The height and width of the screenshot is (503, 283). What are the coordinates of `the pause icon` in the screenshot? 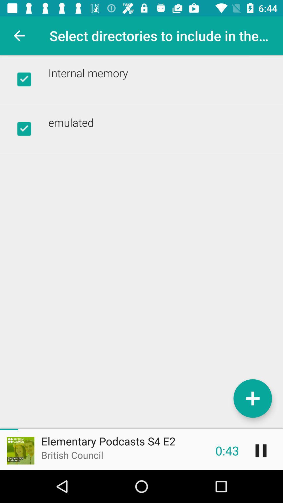 It's located at (261, 450).